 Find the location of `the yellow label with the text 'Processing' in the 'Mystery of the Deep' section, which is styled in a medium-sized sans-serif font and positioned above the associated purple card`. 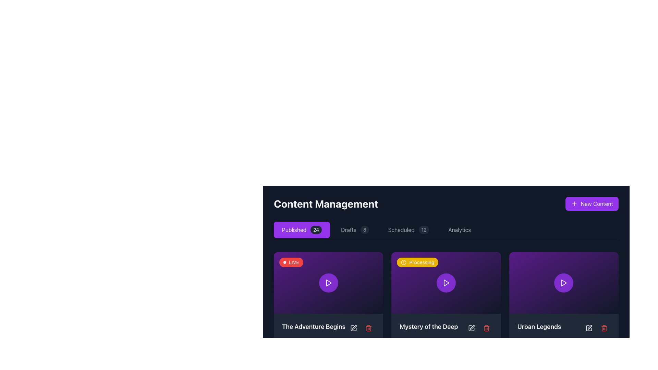

the yellow label with the text 'Processing' in the 'Mystery of the Deep' section, which is styled in a medium-sized sans-serif font and positioned above the associated purple card is located at coordinates (421, 262).